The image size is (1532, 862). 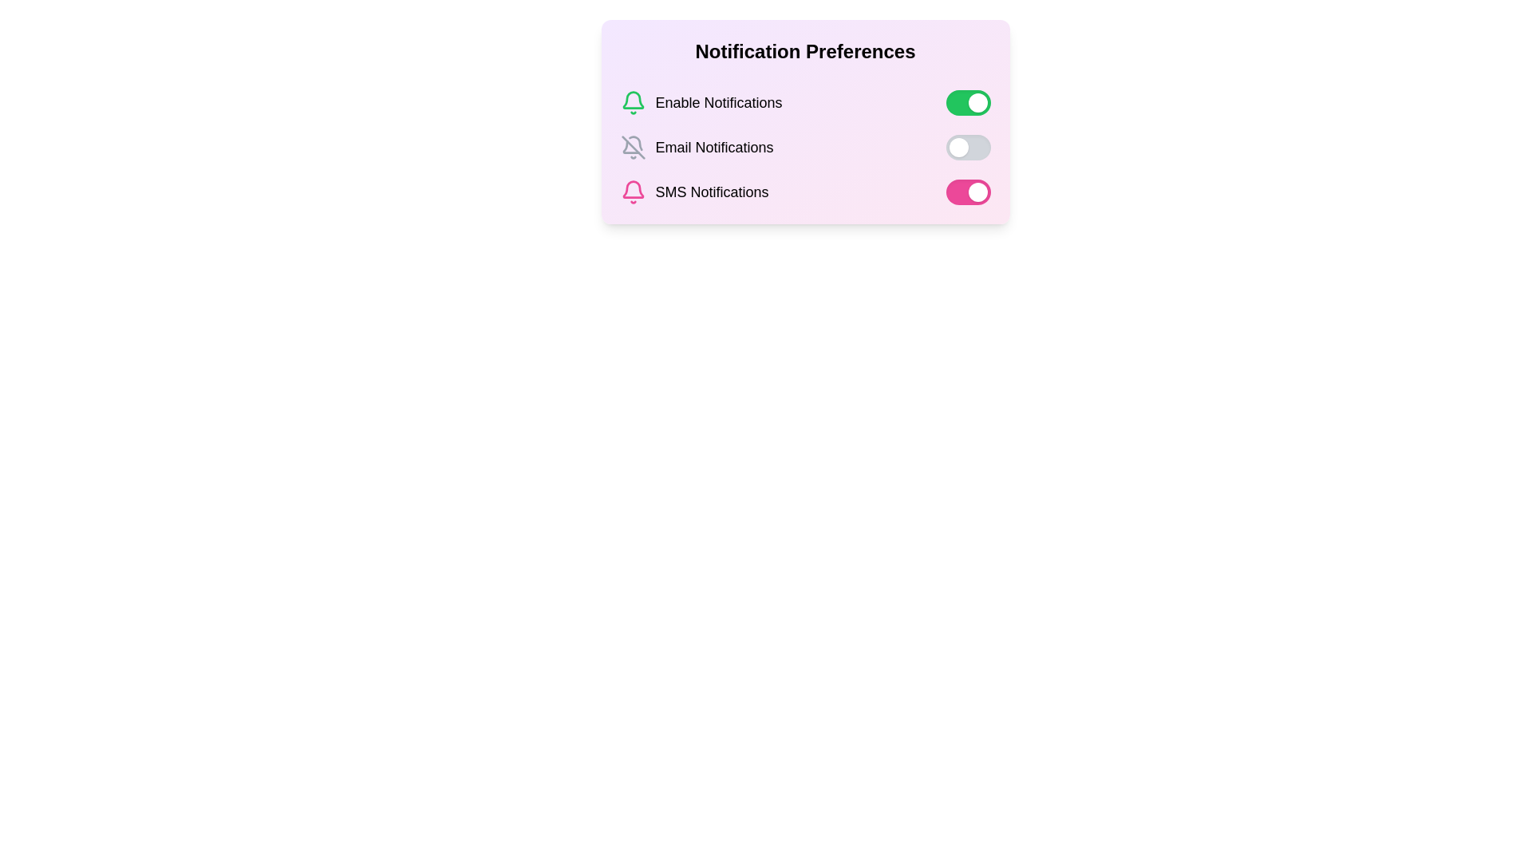 I want to click on text 'Email Notifications' which is displayed adjacent to a crossed-out bell icon in the second row of notification preferences, so click(x=697, y=148).